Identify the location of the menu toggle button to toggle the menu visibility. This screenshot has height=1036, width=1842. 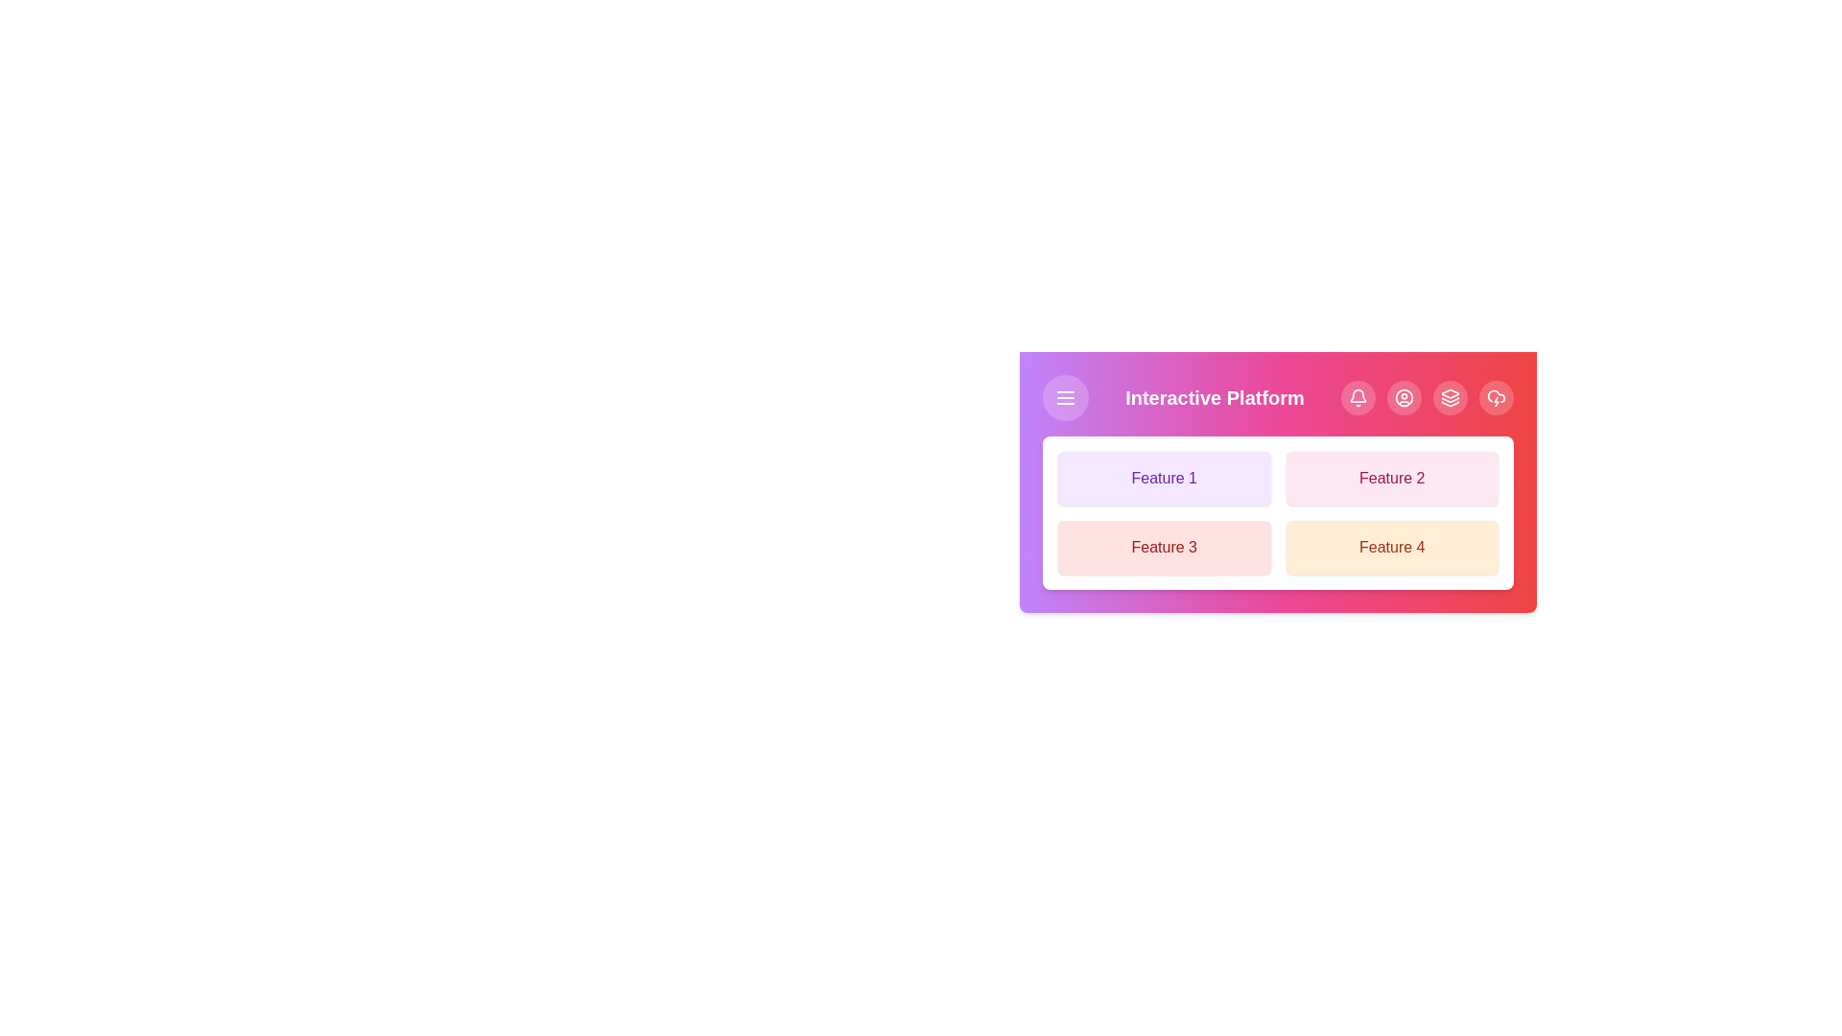
(1064, 397).